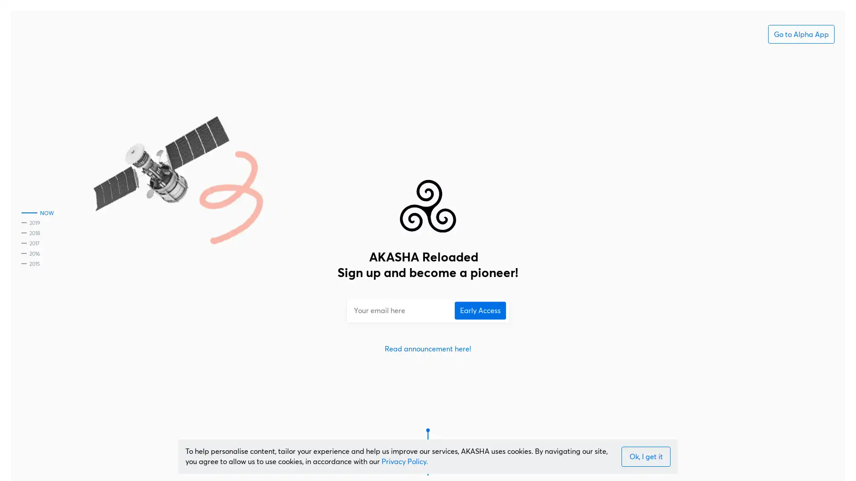 The height and width of the screenshot is (481, 856). What do you see at coordinates (30, 244) in the screenshot?
I see `2017` at bounding box center [30, 244].